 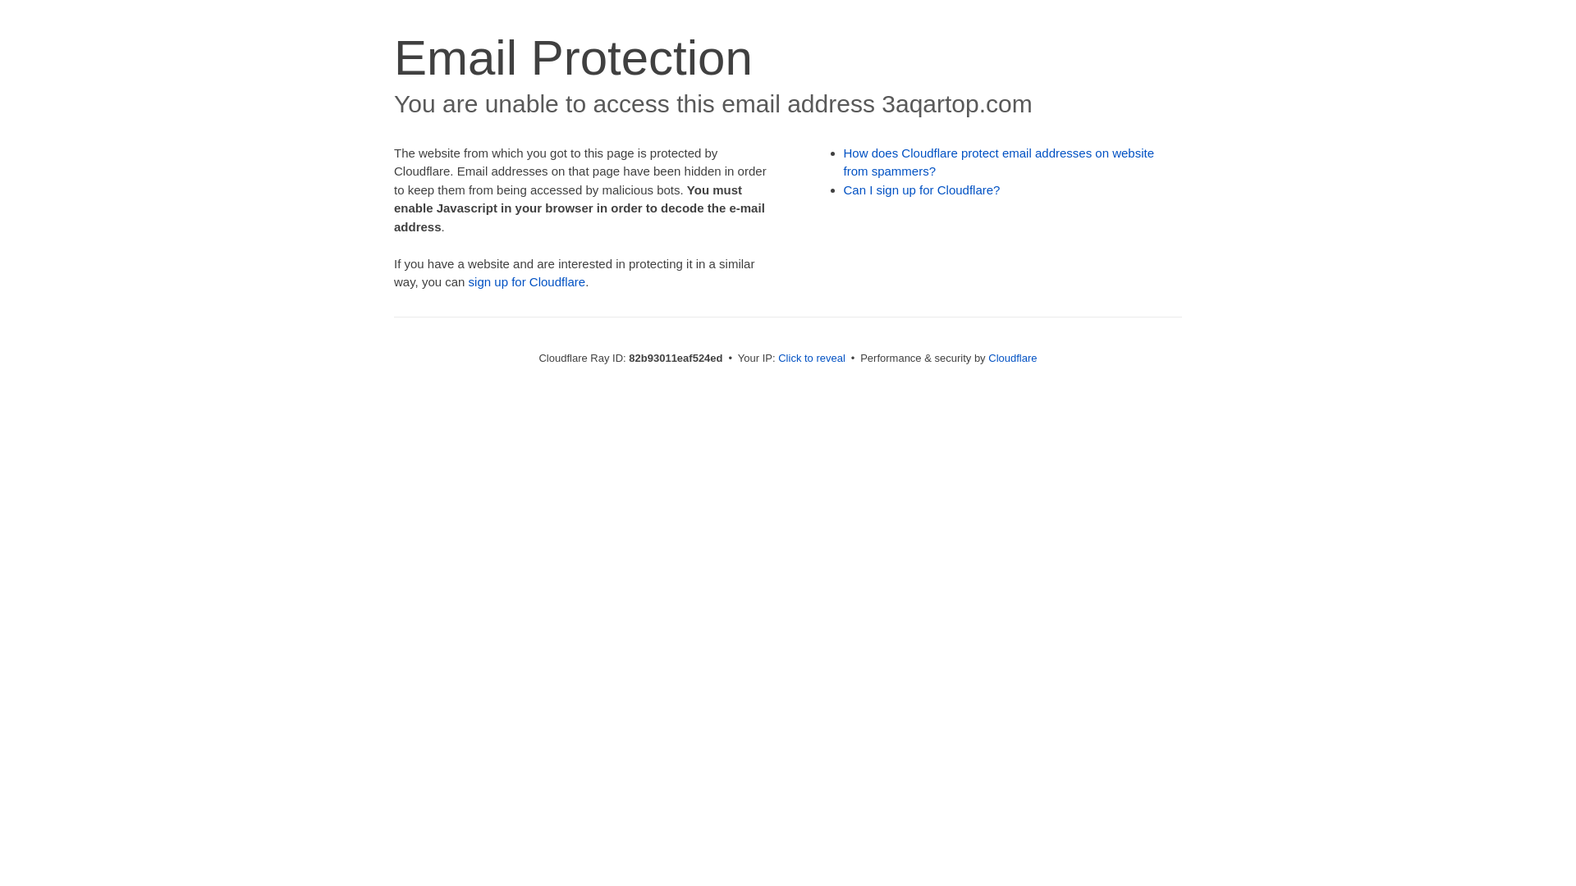 What do you see at coordinates (811, 357) in the screenshot?
I see `'Click to reveal'` at bounding box center [811, 357].